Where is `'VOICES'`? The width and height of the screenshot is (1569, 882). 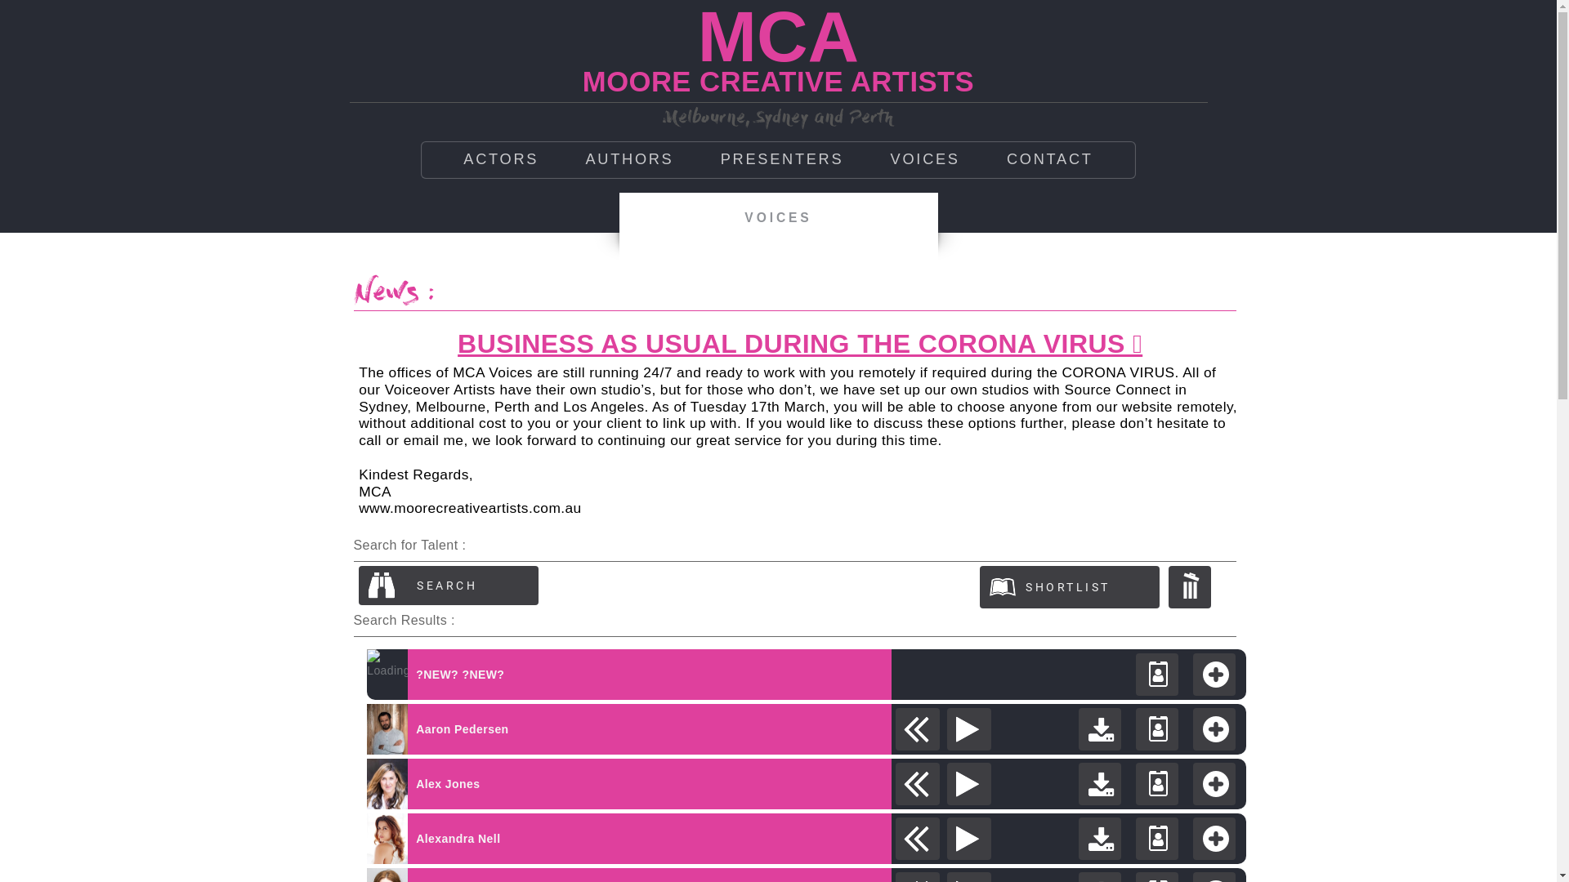 'VOICES' is located at coordinates (889, 160).